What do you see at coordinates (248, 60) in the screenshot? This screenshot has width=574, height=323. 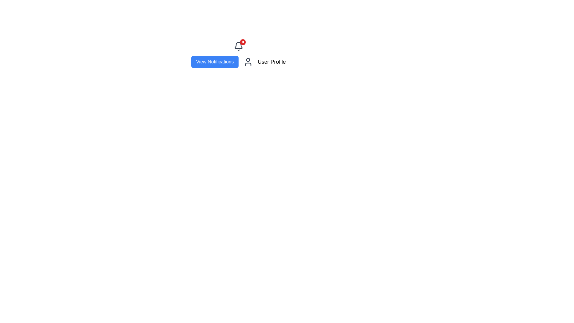 I see `the small red-filled circular shape located at the head portion of the user profile icon, which is part of user-related actions` at bounding box center [248, 60].